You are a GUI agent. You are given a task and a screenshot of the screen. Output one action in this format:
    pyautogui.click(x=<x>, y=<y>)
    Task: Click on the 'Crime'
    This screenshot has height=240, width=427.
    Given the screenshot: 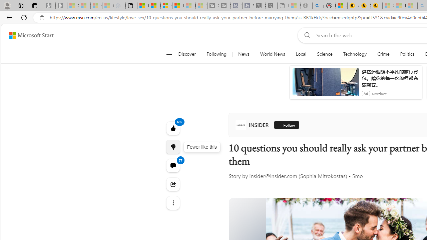 What is the action you would take?
    pyautogui.click(x=383, y=54)
    